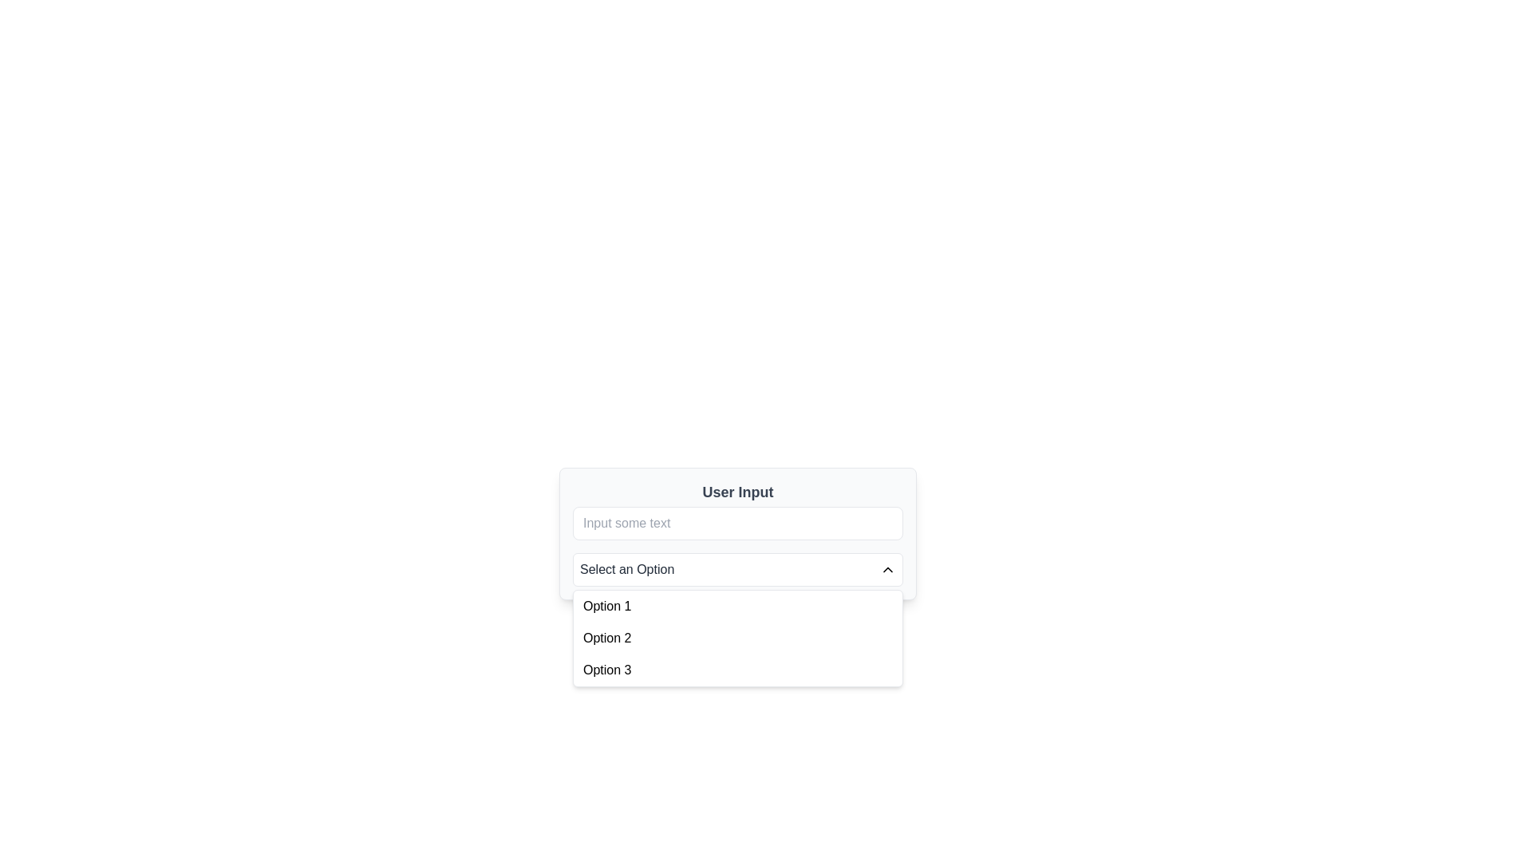 This screenshot has height=862, width=1532. What do you see at coordinates (737, 637) in the screenshot?
I see `the Dropdown menu item displaying 'Option 2' to trigger hover effects` at bounding box center [737, 637].